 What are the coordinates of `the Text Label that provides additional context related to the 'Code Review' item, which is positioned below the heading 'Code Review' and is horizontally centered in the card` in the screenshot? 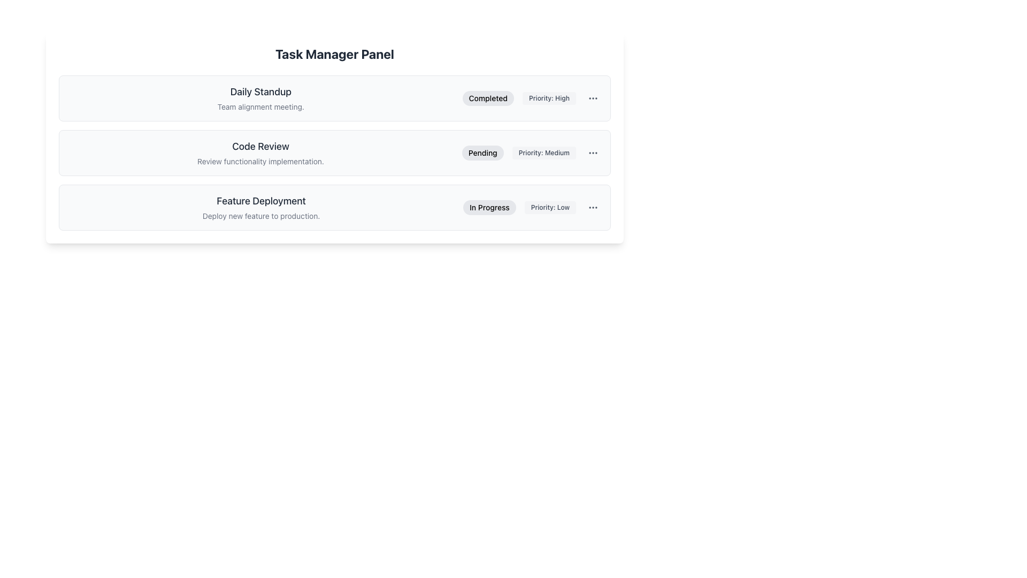 It's located at (260, 161).